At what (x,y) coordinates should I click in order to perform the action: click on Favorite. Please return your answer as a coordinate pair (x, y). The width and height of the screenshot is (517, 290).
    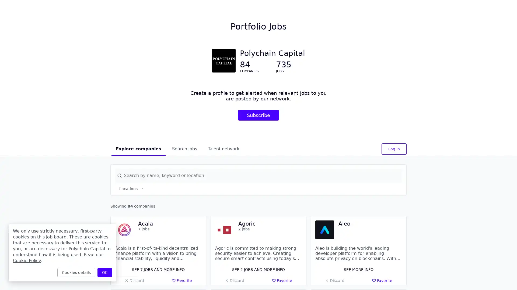
    Looking at the image, I should click on (382, 280).